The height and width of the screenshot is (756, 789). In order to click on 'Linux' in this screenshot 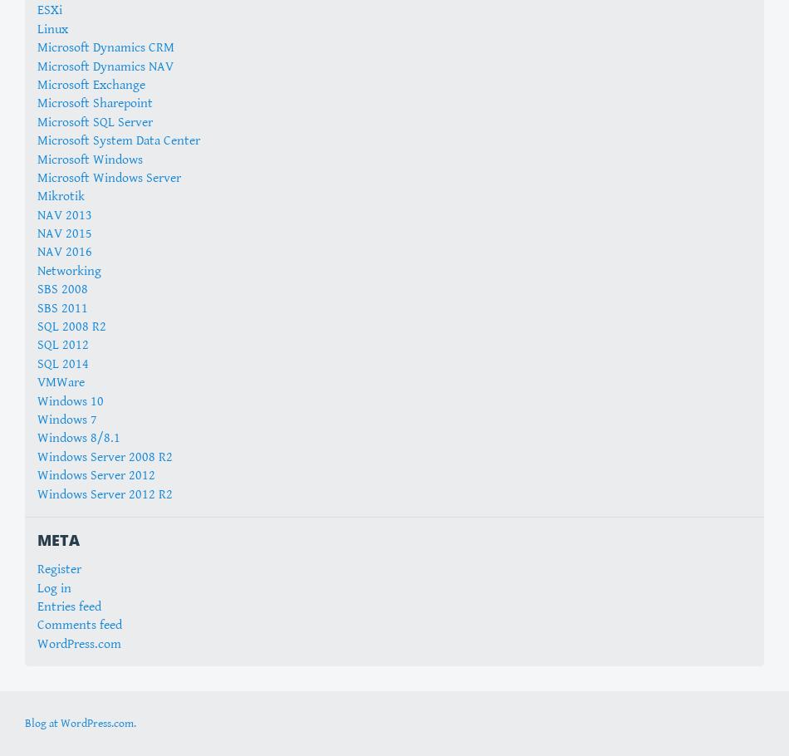, I will do `click(37, 28)`.